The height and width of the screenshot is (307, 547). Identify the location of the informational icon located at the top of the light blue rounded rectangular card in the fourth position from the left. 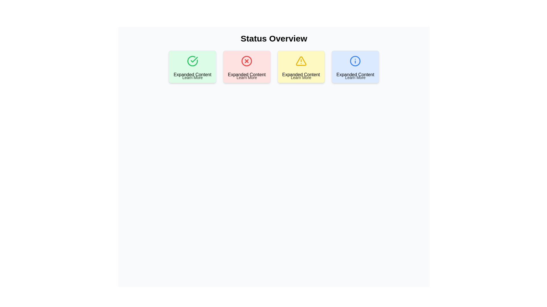
(355, 61).